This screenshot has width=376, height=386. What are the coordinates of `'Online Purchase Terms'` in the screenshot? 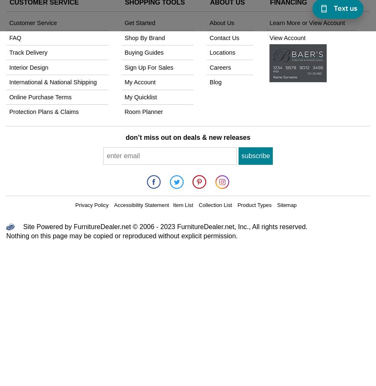 It's located at (40, 96).